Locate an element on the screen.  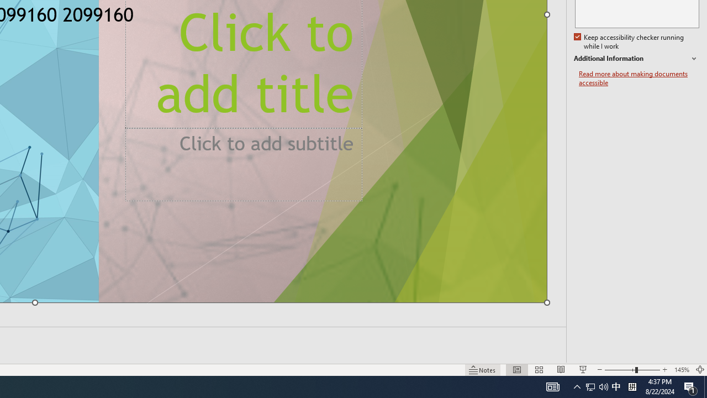
'Zoom 145%' is located at coordinates (681, 370).